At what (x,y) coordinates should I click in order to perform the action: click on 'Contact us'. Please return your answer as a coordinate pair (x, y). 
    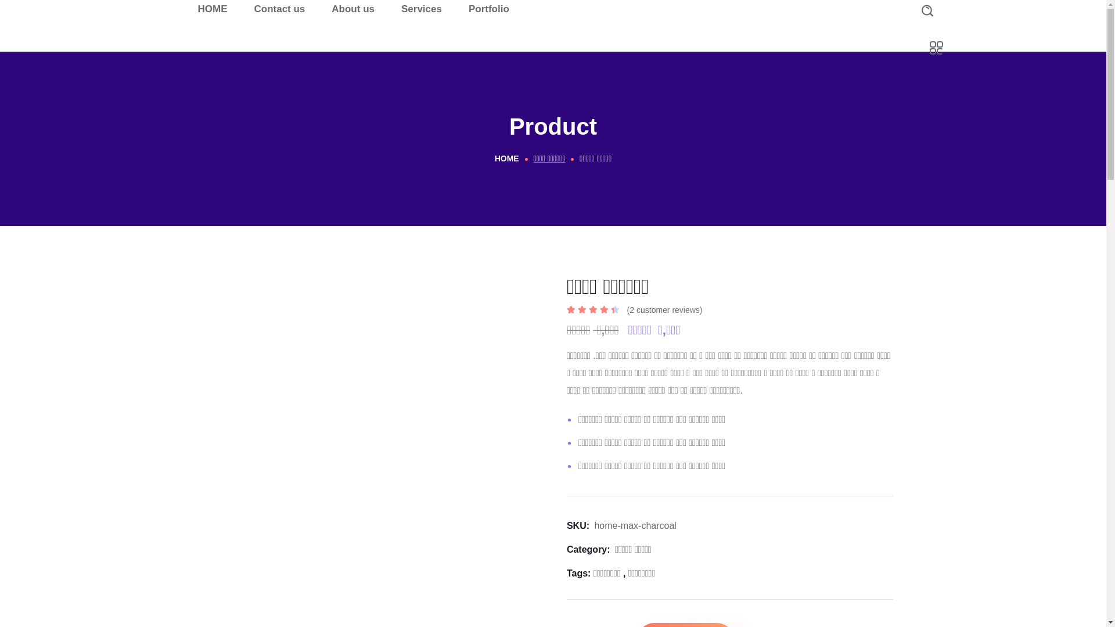
    Looking at the image, I should click on (279, 9).